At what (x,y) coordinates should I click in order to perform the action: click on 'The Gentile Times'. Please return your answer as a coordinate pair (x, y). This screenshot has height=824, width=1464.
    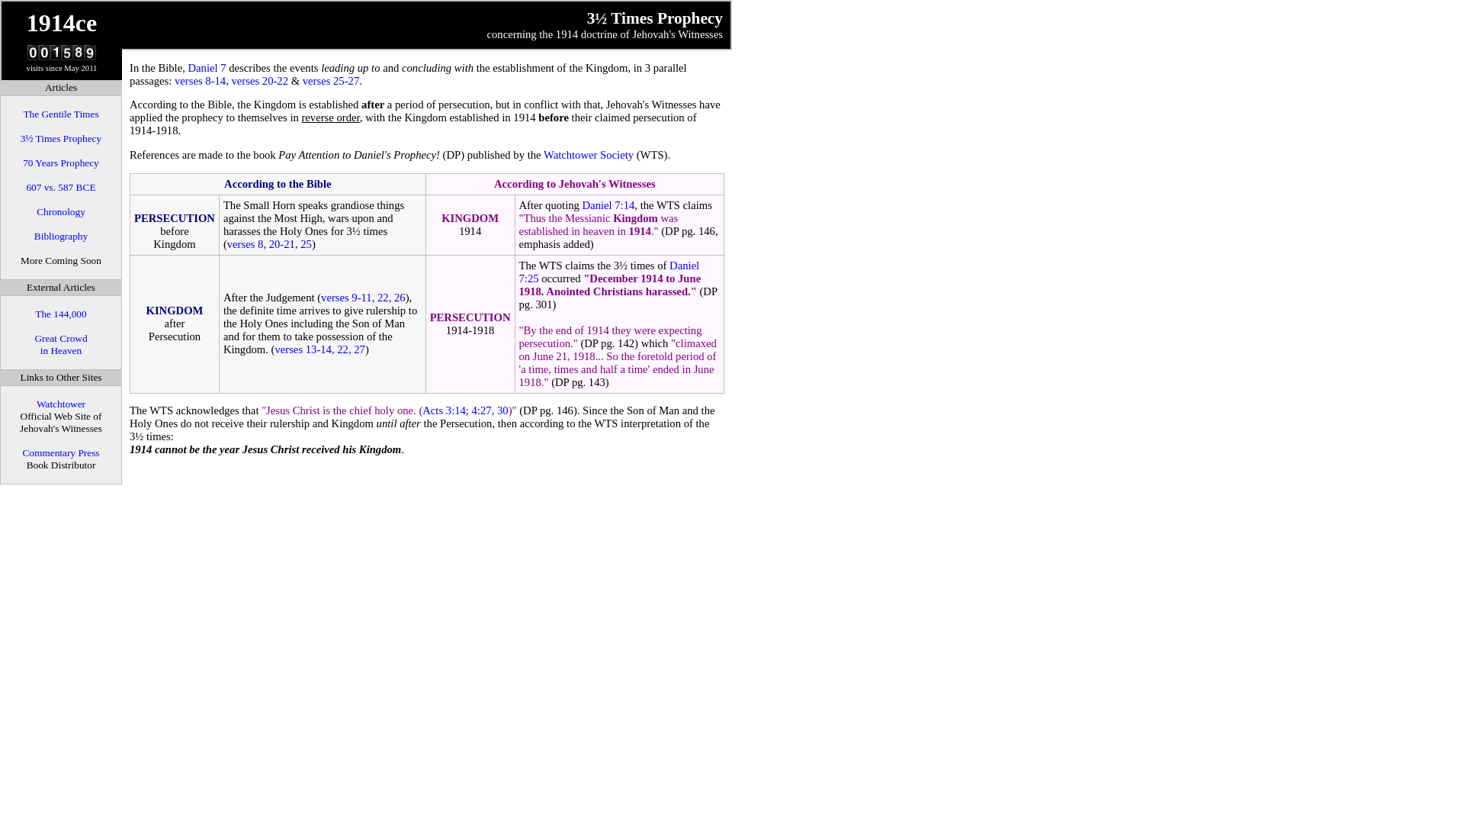
    Looking at the image, I should click on (60, 113).